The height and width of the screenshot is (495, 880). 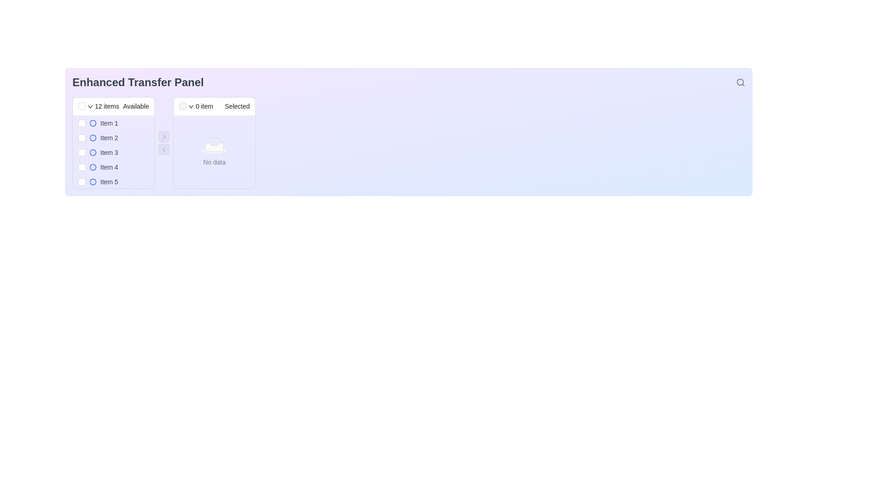 I want to click on the icon or badge next to the label 'Item 2' in the left panel, so click(x=93, y=137).